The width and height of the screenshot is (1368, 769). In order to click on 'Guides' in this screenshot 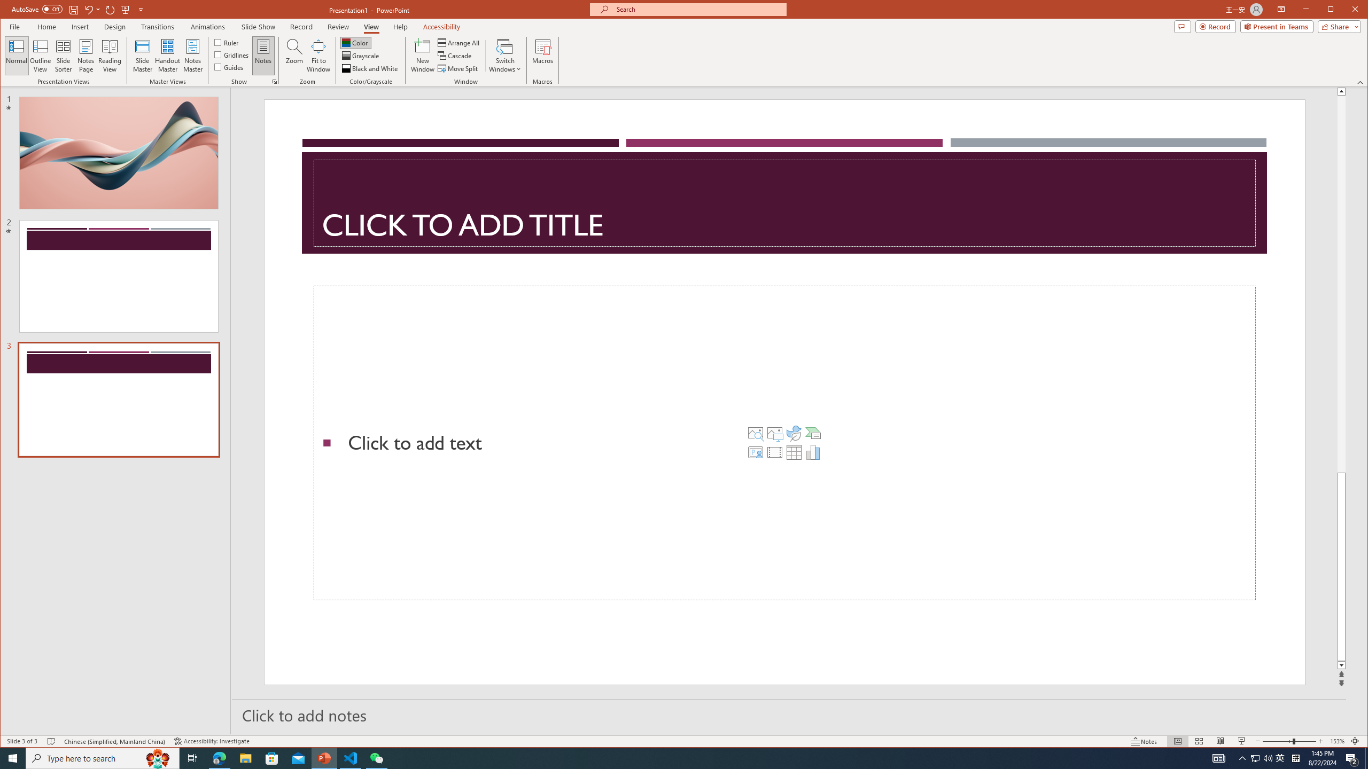, I will do `click(229, 67)`.